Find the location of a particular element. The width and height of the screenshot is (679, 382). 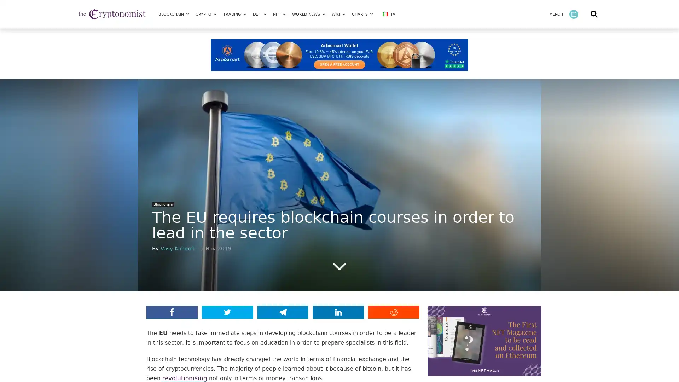

AGREE is located at coordinates (541, 297).